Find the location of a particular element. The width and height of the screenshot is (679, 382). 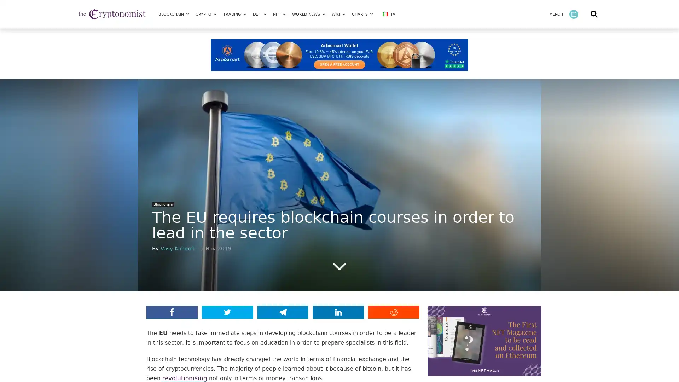

AGREE is located at coordinates (541, 297).